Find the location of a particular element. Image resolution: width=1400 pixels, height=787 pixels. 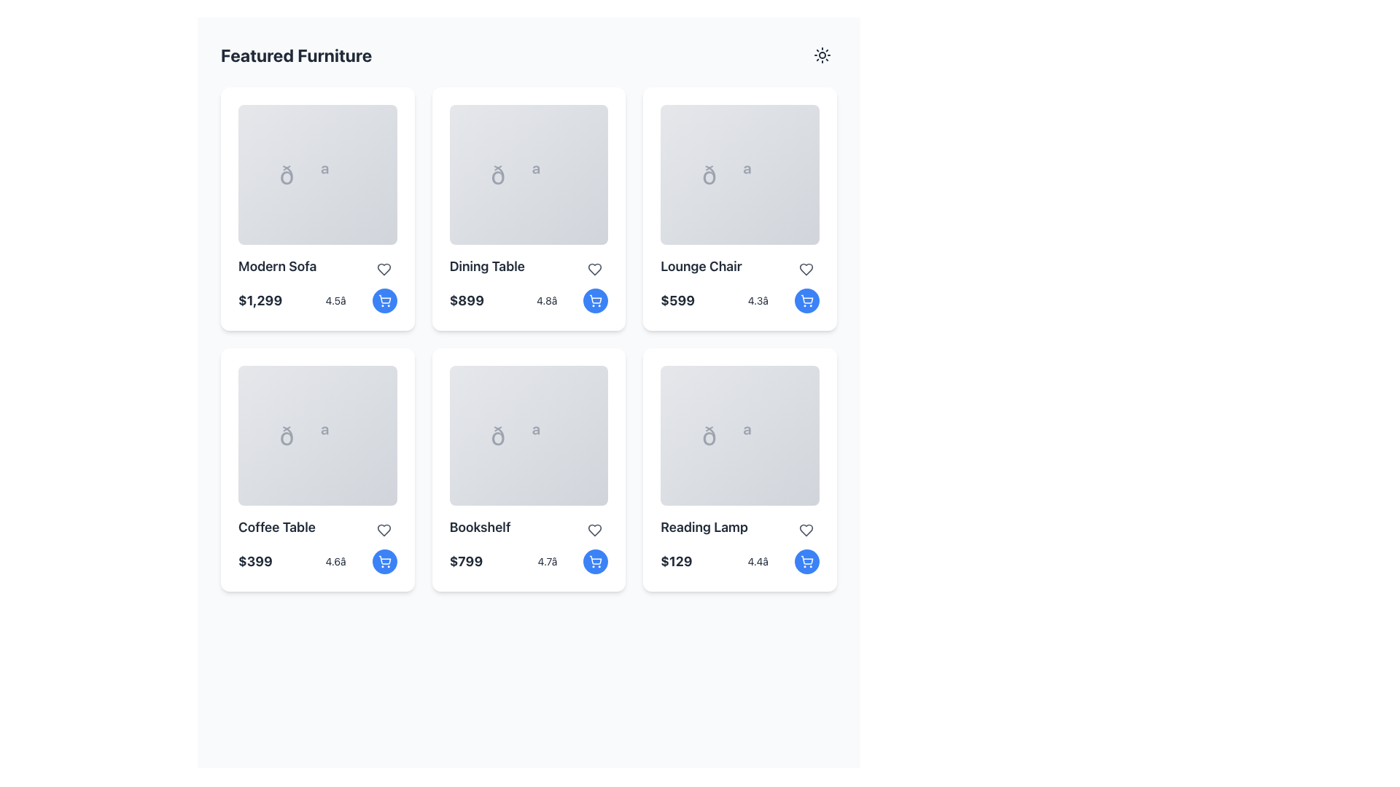

the static text element displaying 'Featured Furniture' in a bold, large font located in the upper-left section of the page above the grid of product cards is located at coordinates (295, 55).